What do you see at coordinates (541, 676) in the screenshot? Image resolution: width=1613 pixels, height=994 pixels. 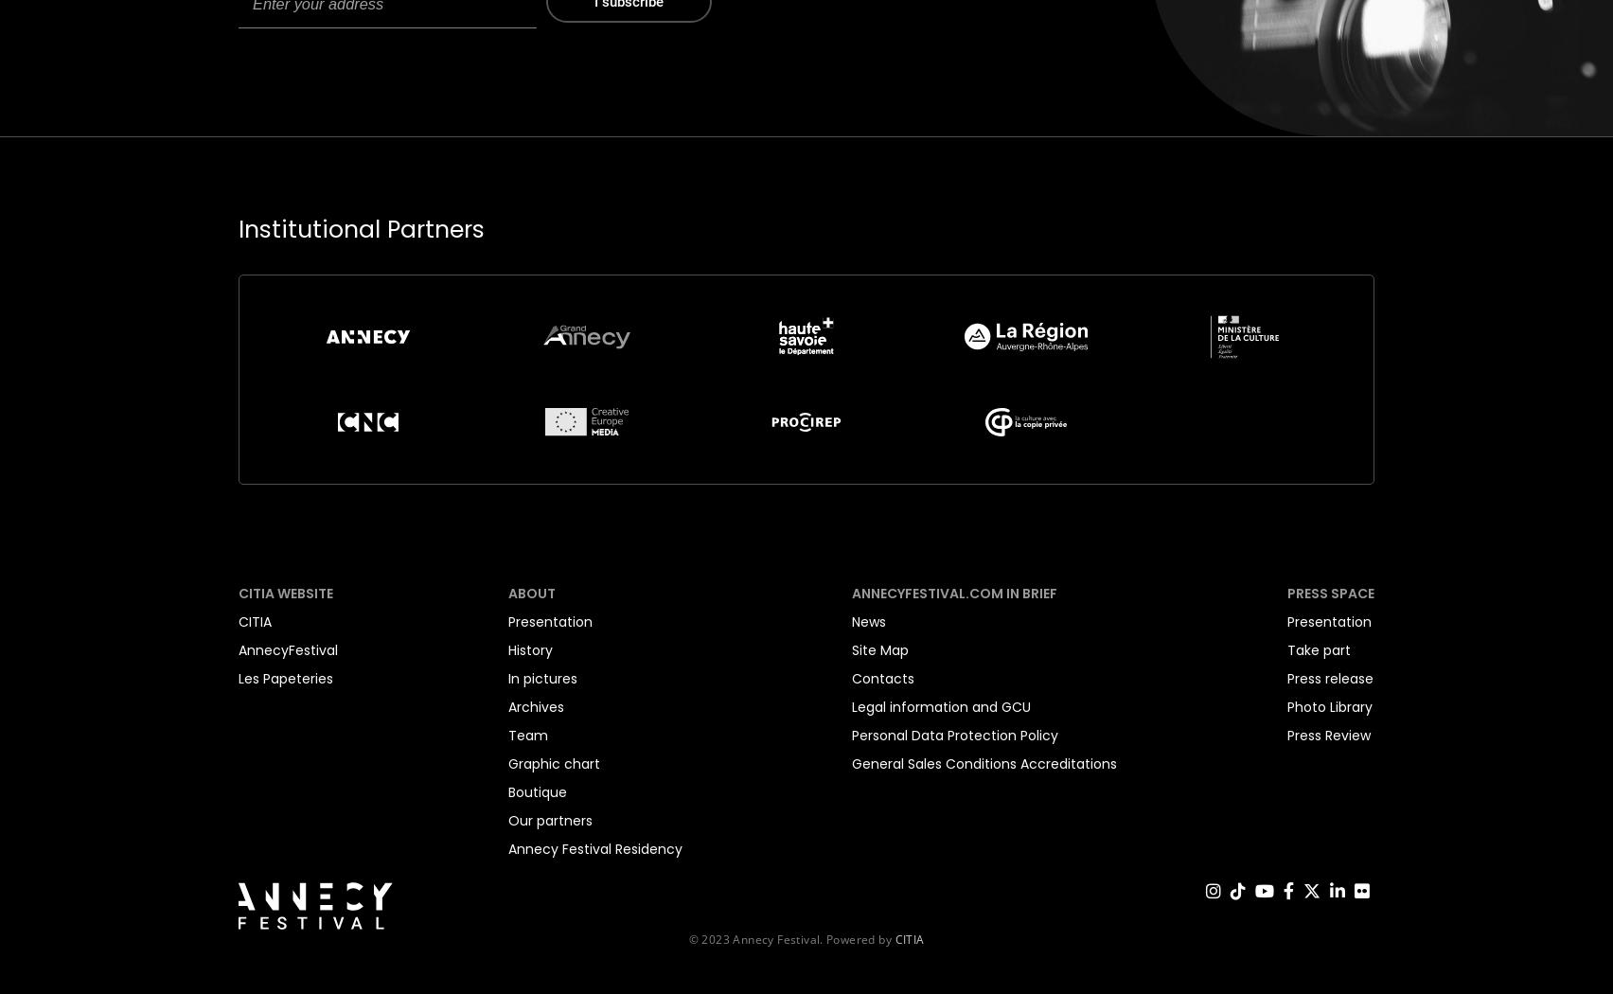 I see `'In pictures'` at bounding box center [541, 676].